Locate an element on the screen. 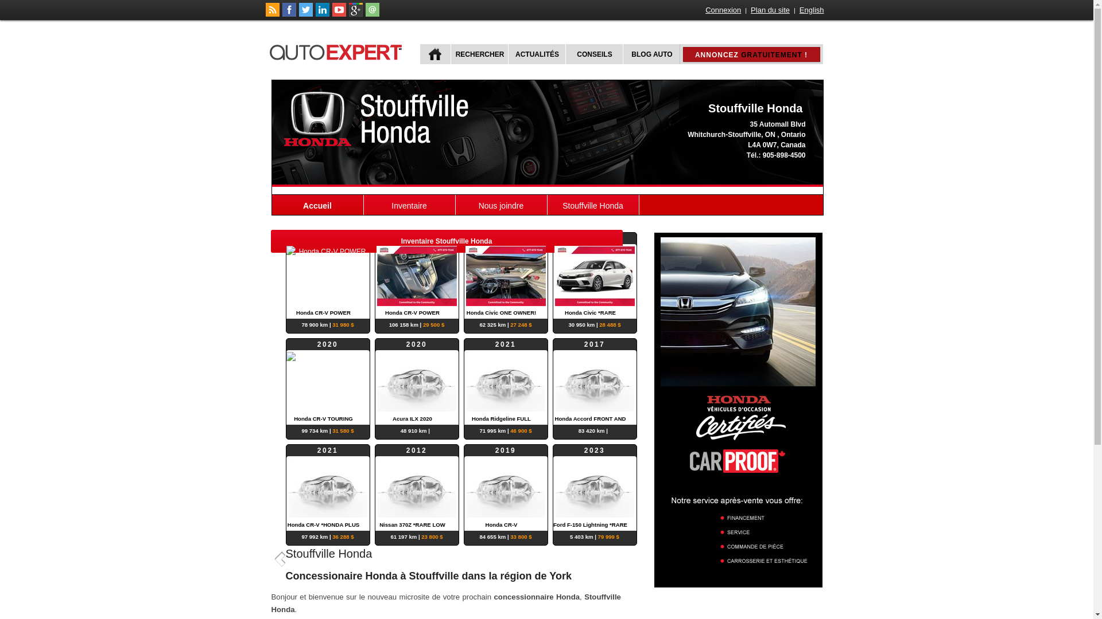 This screenshot has width=1102, height=619. 'BLOG AUTO' is located at coordinates (650, 54).